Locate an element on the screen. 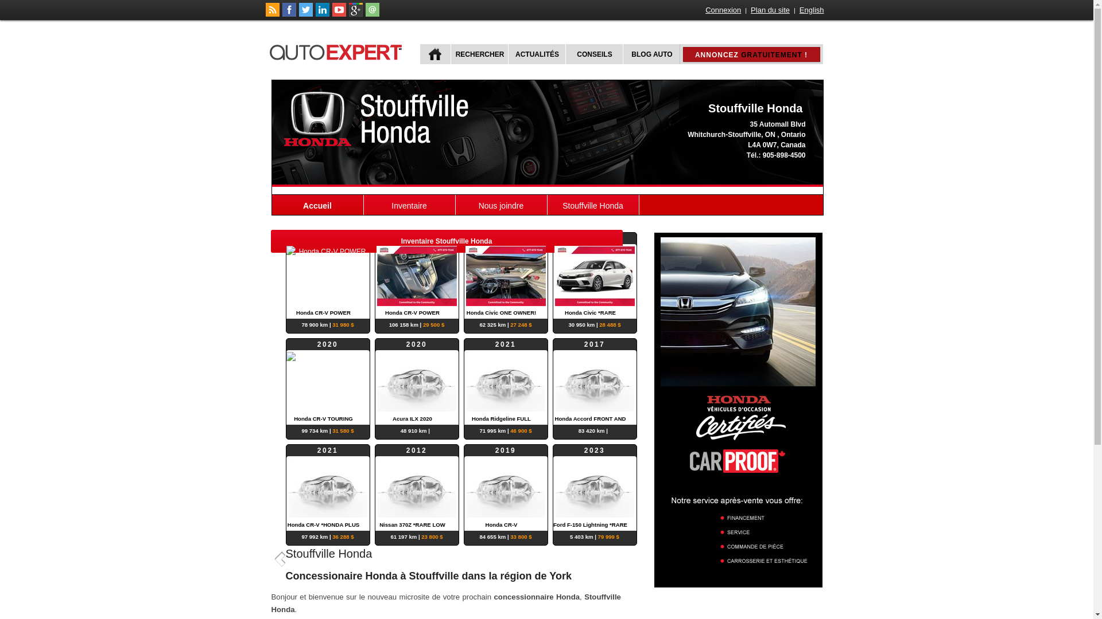 This screenshot has width=1102, height=619. 'BLOG AUTO' is located at coordinates (650, 54).